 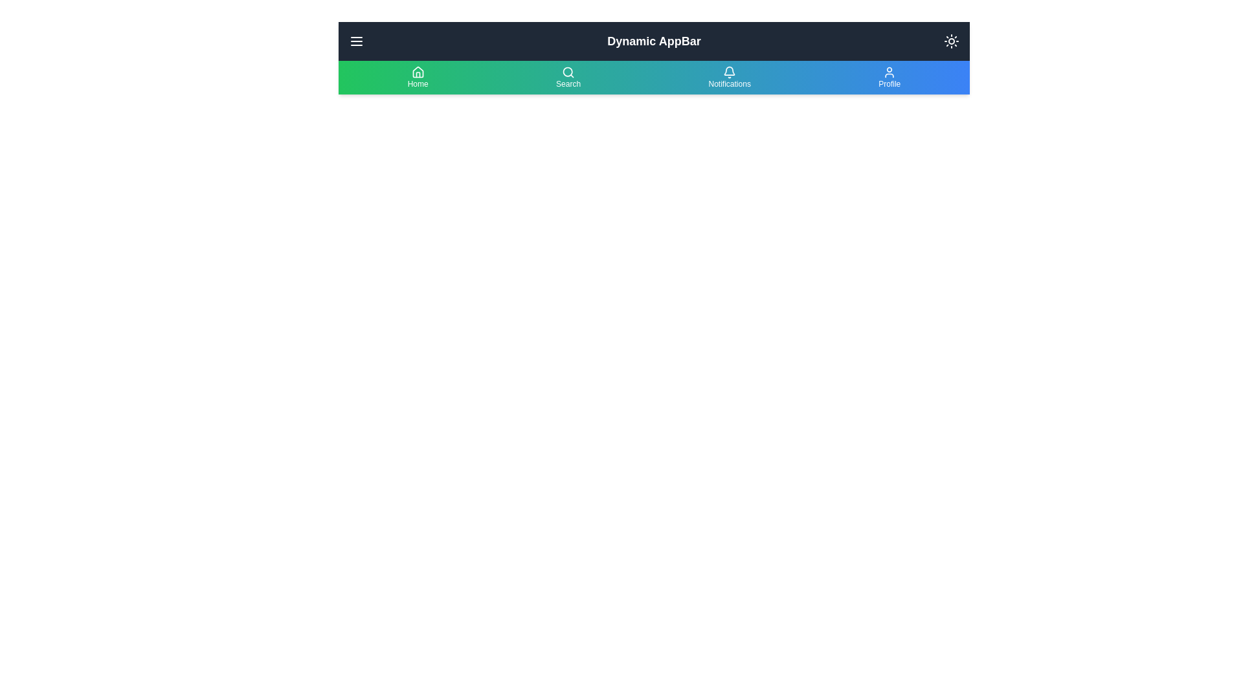 I want to click on the navigation item labeled Profile in the DynamicAppBar, so click(x=888, y=77).